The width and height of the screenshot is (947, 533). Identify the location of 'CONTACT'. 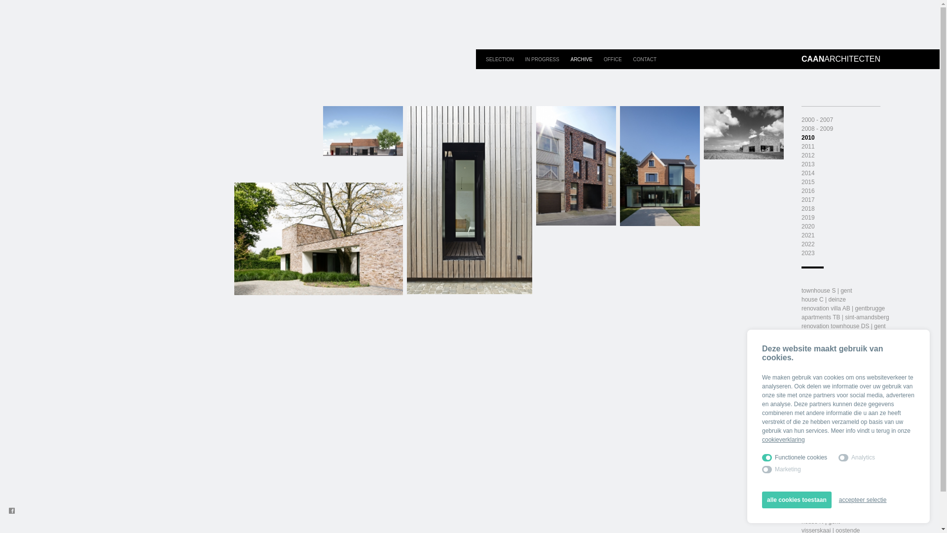
(644, 59).